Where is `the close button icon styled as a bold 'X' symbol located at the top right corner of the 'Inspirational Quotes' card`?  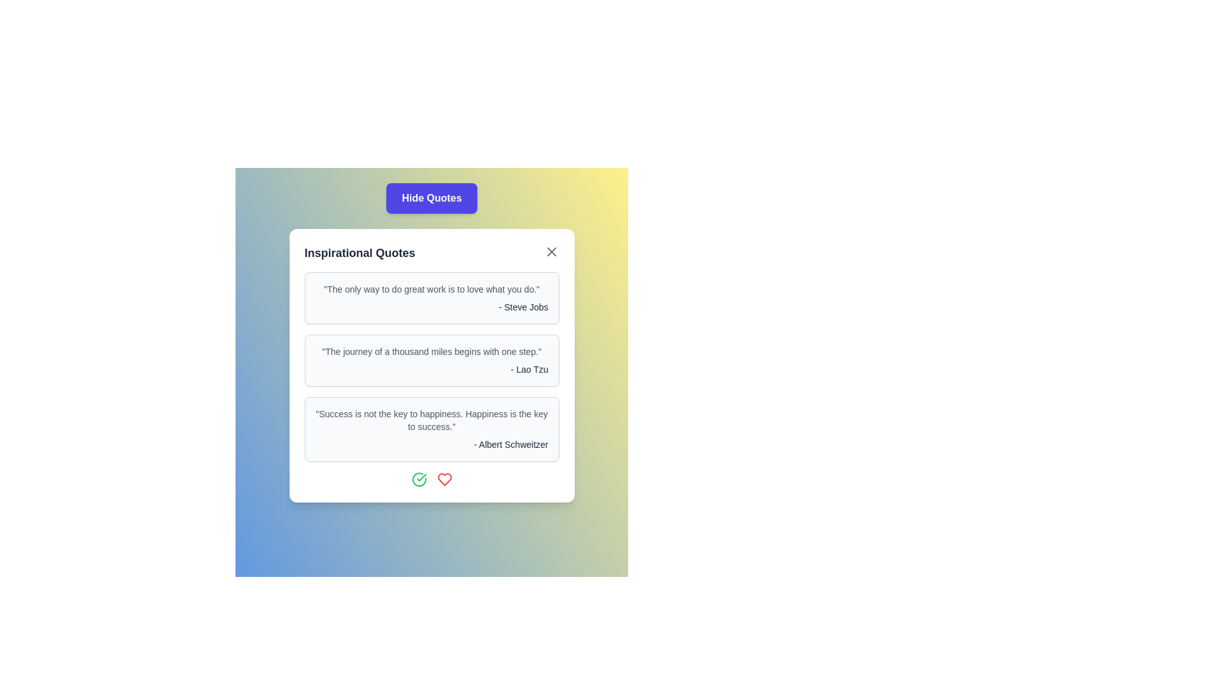 the close button icon styled as a bold 'X' symbol located at the top right corner of the 'Inspirational Quotes' card is located at coordinates (551, 252).